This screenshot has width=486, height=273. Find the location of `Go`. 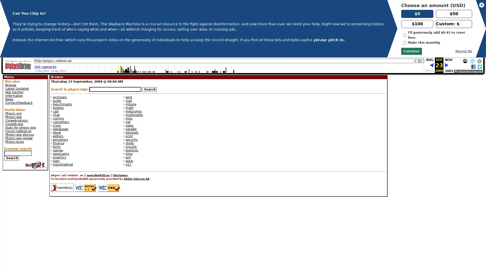

Go is located at coordinates (419, 60).